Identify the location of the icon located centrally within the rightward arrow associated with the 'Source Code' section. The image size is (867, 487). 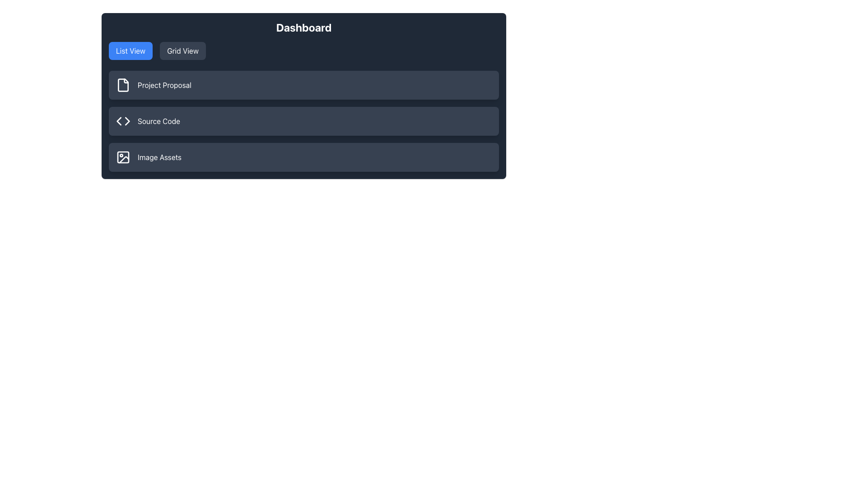
(127, 121).